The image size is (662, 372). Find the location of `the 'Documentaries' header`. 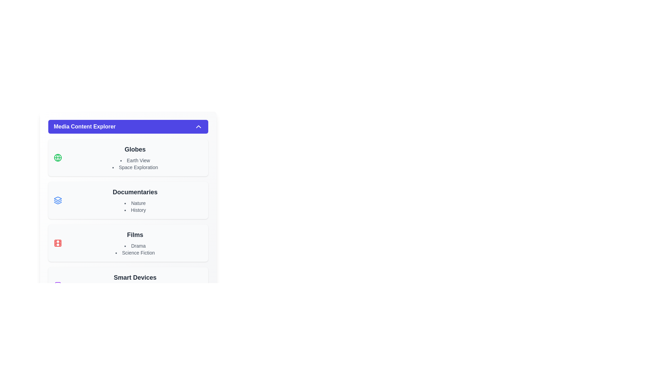

the 'Documentaries' header is located at coordinates (135, 200).